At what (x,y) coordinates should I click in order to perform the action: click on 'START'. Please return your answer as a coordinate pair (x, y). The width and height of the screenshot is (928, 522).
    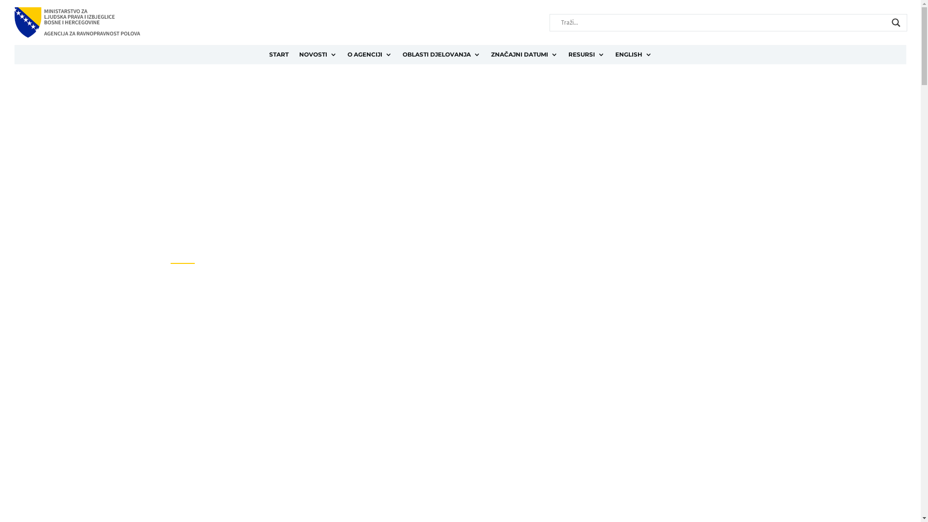
    Looking at the image, I should click on (278, 56).